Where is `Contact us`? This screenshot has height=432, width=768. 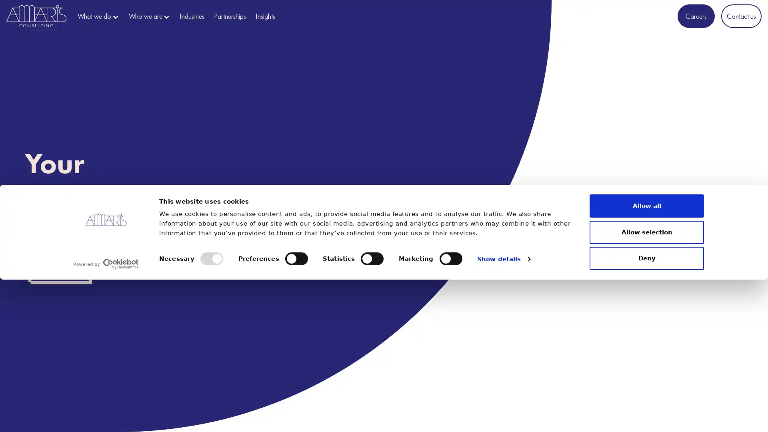 Contact us is located at coordinates (741, 16).